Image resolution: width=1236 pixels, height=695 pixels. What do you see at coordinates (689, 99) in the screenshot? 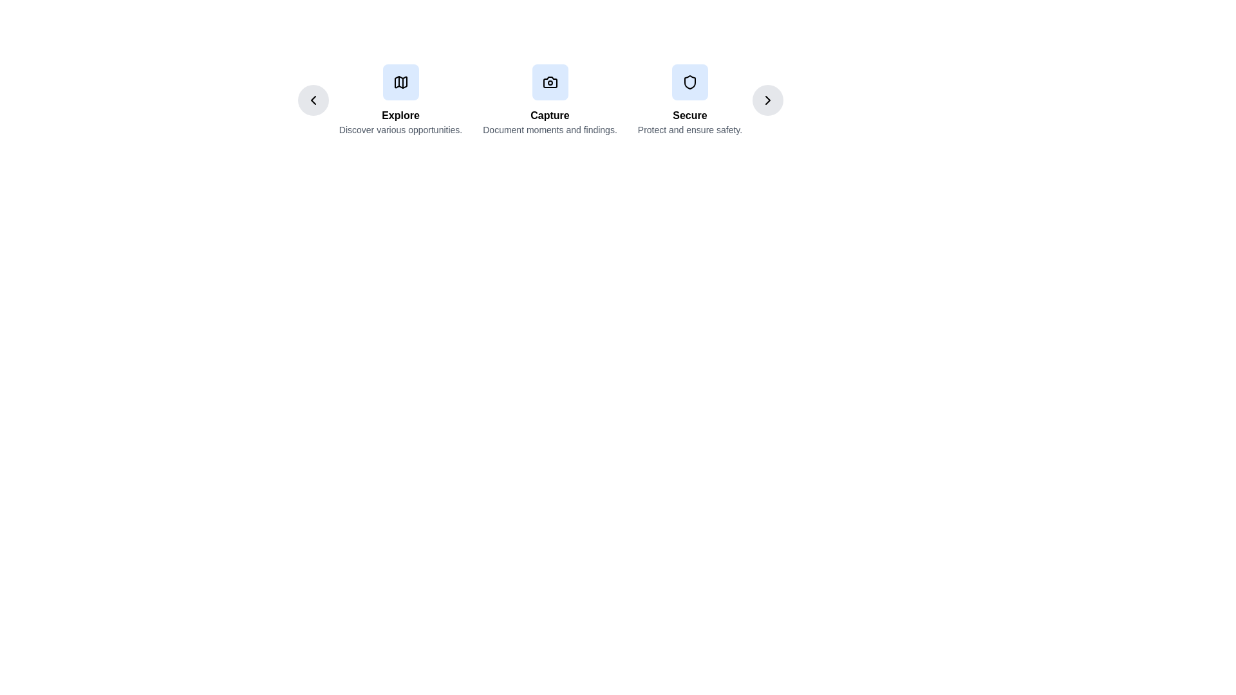
I see `the Informational card that emphasizes security and safety, which is the third item in a row of three similar elements, positioned to the right of the 'Explore' and 'Capture' items` at bounding box center [689, 99].